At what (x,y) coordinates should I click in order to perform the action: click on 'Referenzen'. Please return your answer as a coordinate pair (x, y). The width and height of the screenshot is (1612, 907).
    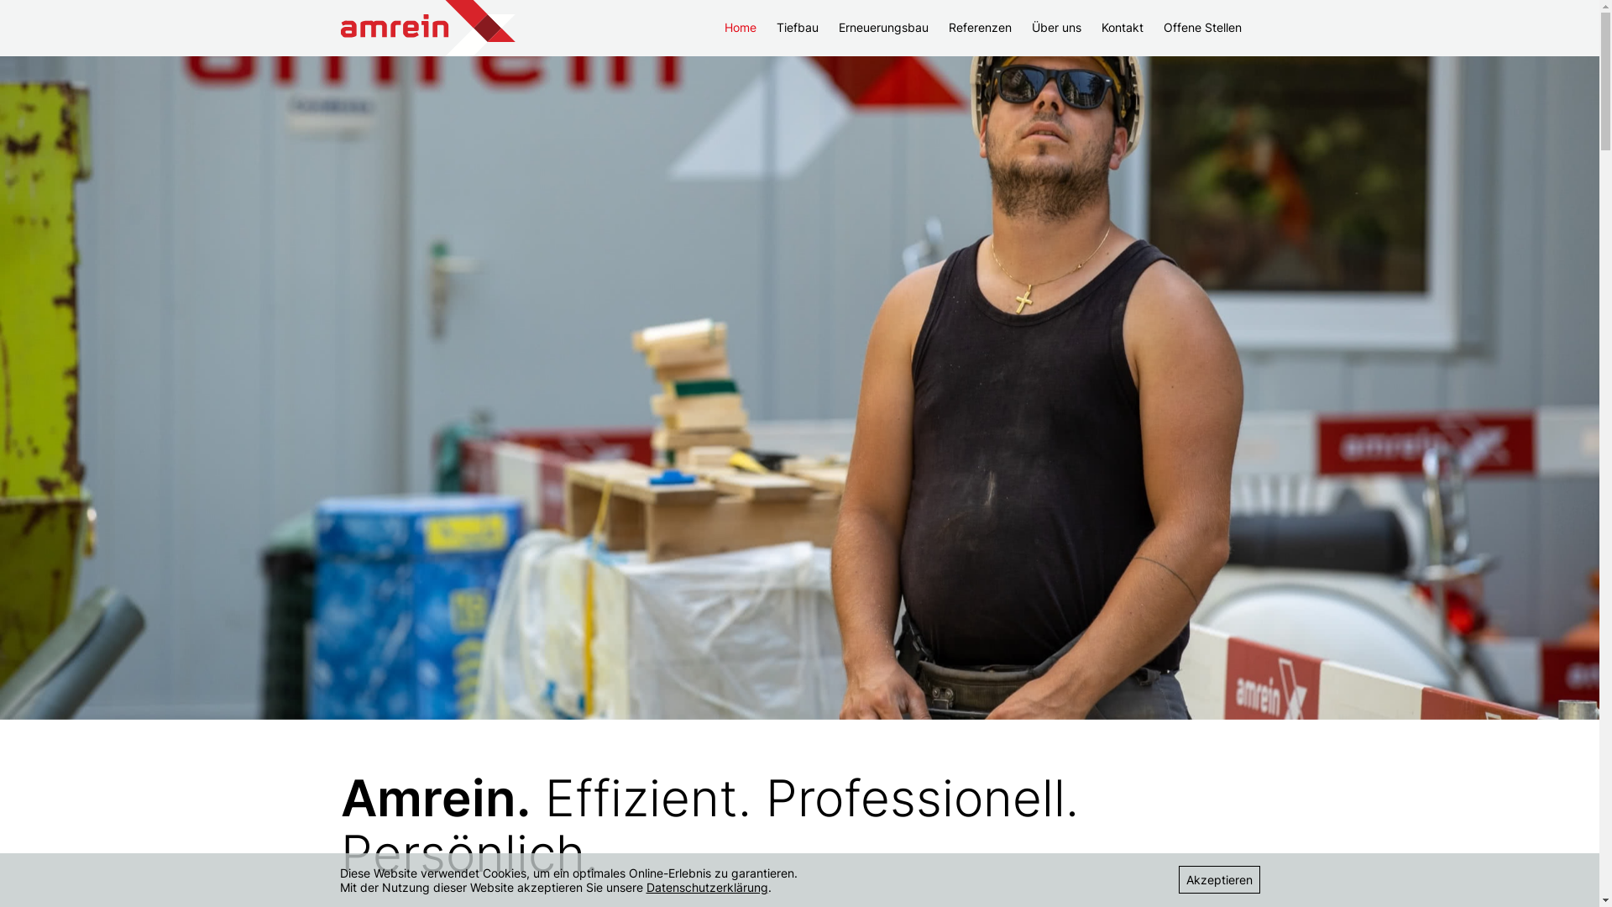
    Looking at the image, I should click on (980, 27).